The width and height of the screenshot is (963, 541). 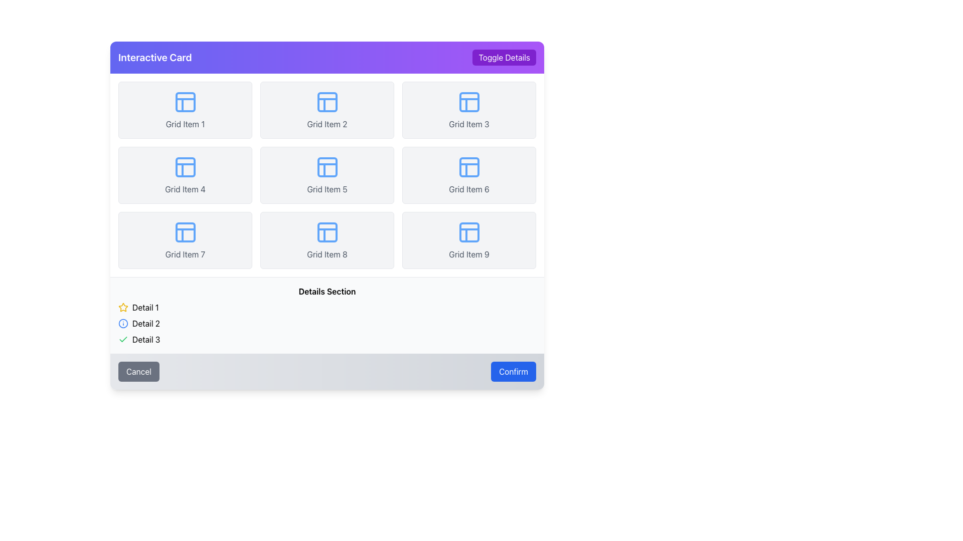 I want to click on the small rectangular shape with rounded corners that is part of the 'Grid Item 2' icon in the grid layout, so click(x=327, y=102).